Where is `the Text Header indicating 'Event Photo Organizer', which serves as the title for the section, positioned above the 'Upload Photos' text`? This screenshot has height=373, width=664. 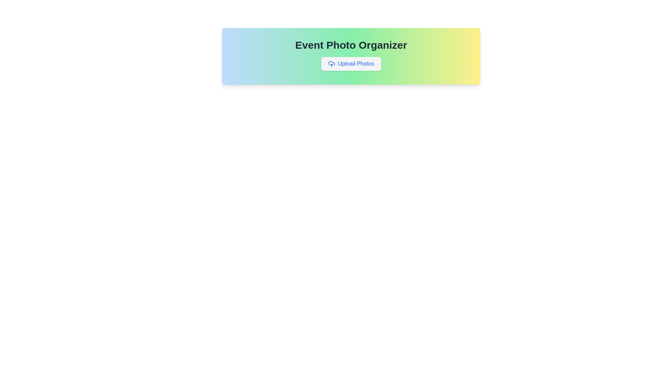
the Text Header indicating 'Event Photo Organizer', which serves as the title for the section, positioned above the 'Upload Photos' text is located at coordinates (351, 45).